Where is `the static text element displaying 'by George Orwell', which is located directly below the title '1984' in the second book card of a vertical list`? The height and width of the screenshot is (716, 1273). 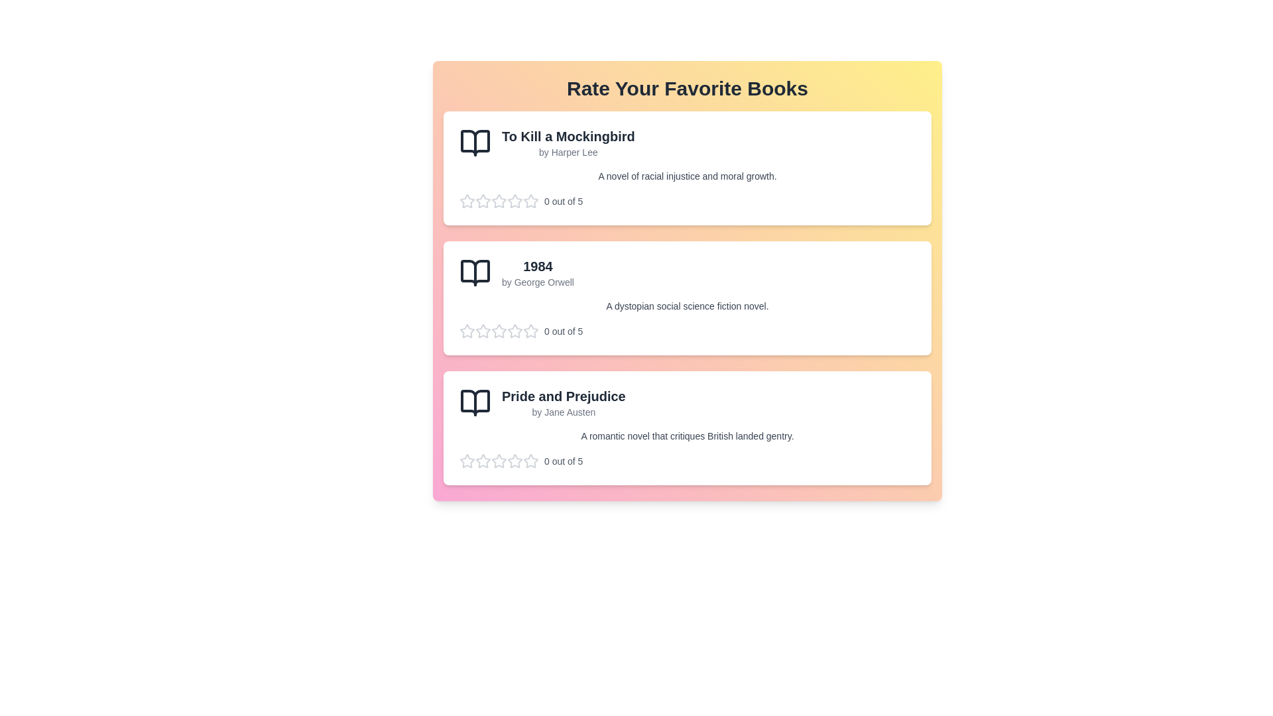
the static text element displaying 'by George Orwell', which is located directly below the title '1984' in the second book card of a vertical list is located at coordinates (538, 281).